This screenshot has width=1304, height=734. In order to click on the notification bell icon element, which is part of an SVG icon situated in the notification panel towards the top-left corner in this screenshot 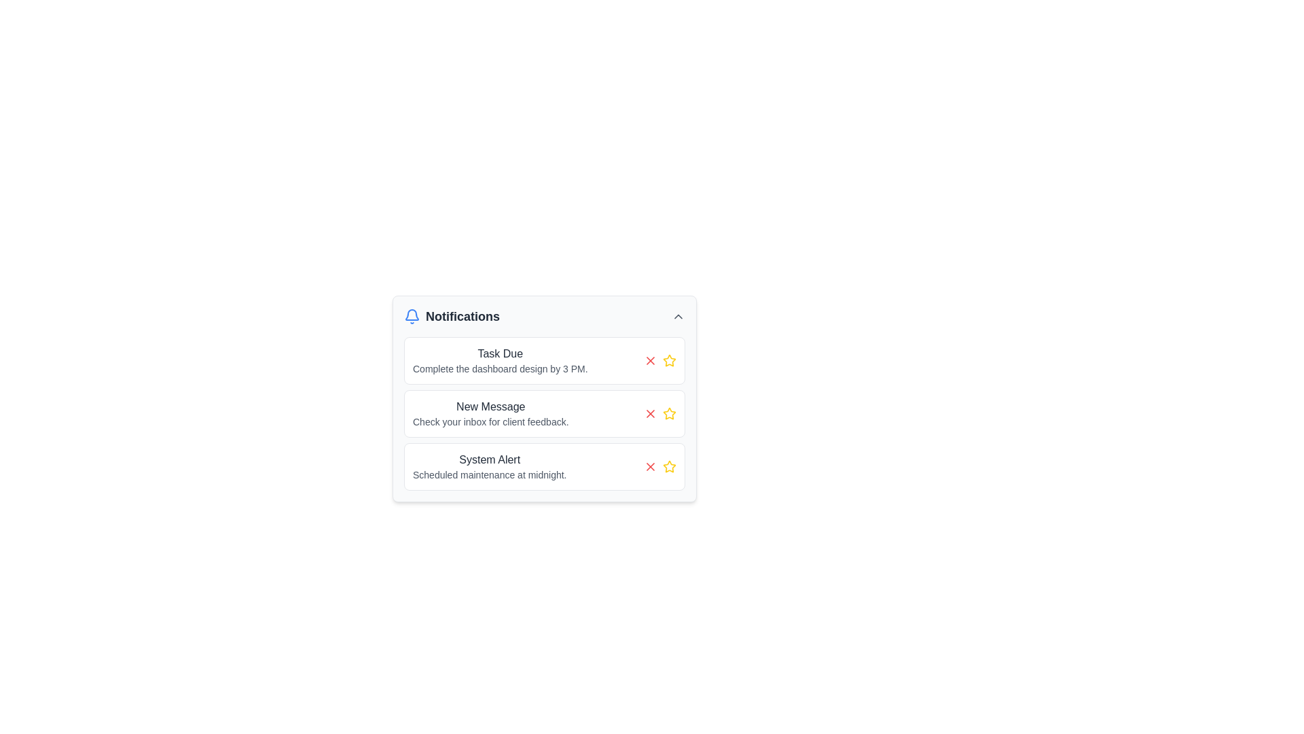, I will do `click(411, 315)`.